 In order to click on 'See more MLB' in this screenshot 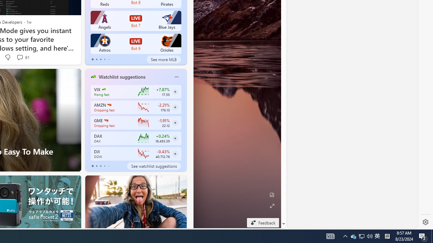, I will do `click(164, 59)`.